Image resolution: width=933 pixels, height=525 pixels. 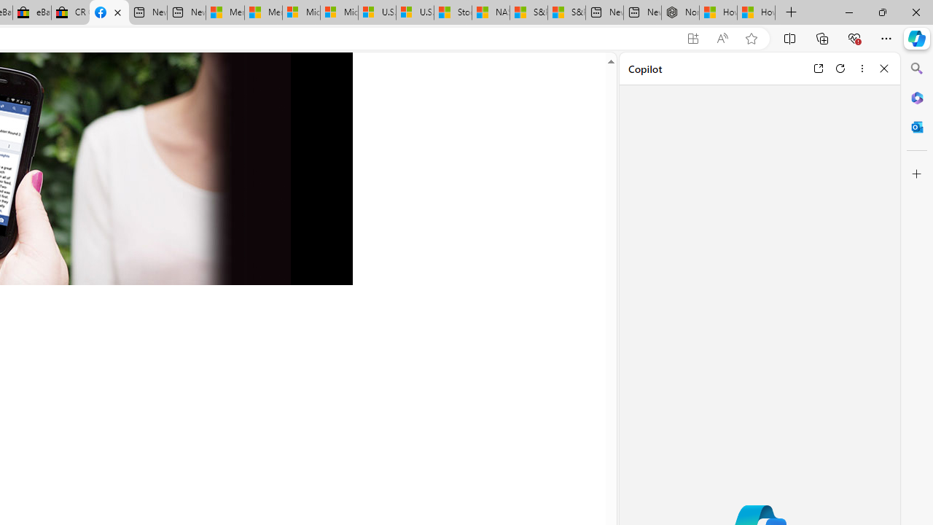 What do you see at coordinates (916, 97) in the screenshot?
I see `'Microsoft 365'` at bounding box center [916, 97].